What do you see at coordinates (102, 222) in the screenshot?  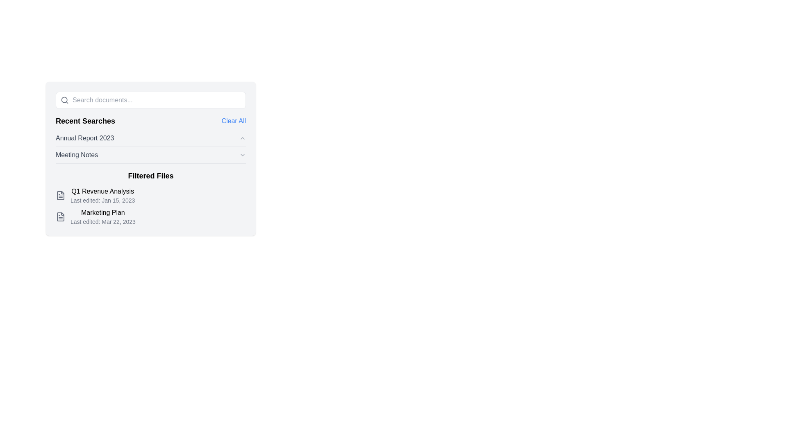 I see `the static text label displaying 'Last edited: Mar 22, 2023', which is positioned beneath the 'Marketing Plan' heading in the 'Filtered Files' section` at bounding box center [102, 222].